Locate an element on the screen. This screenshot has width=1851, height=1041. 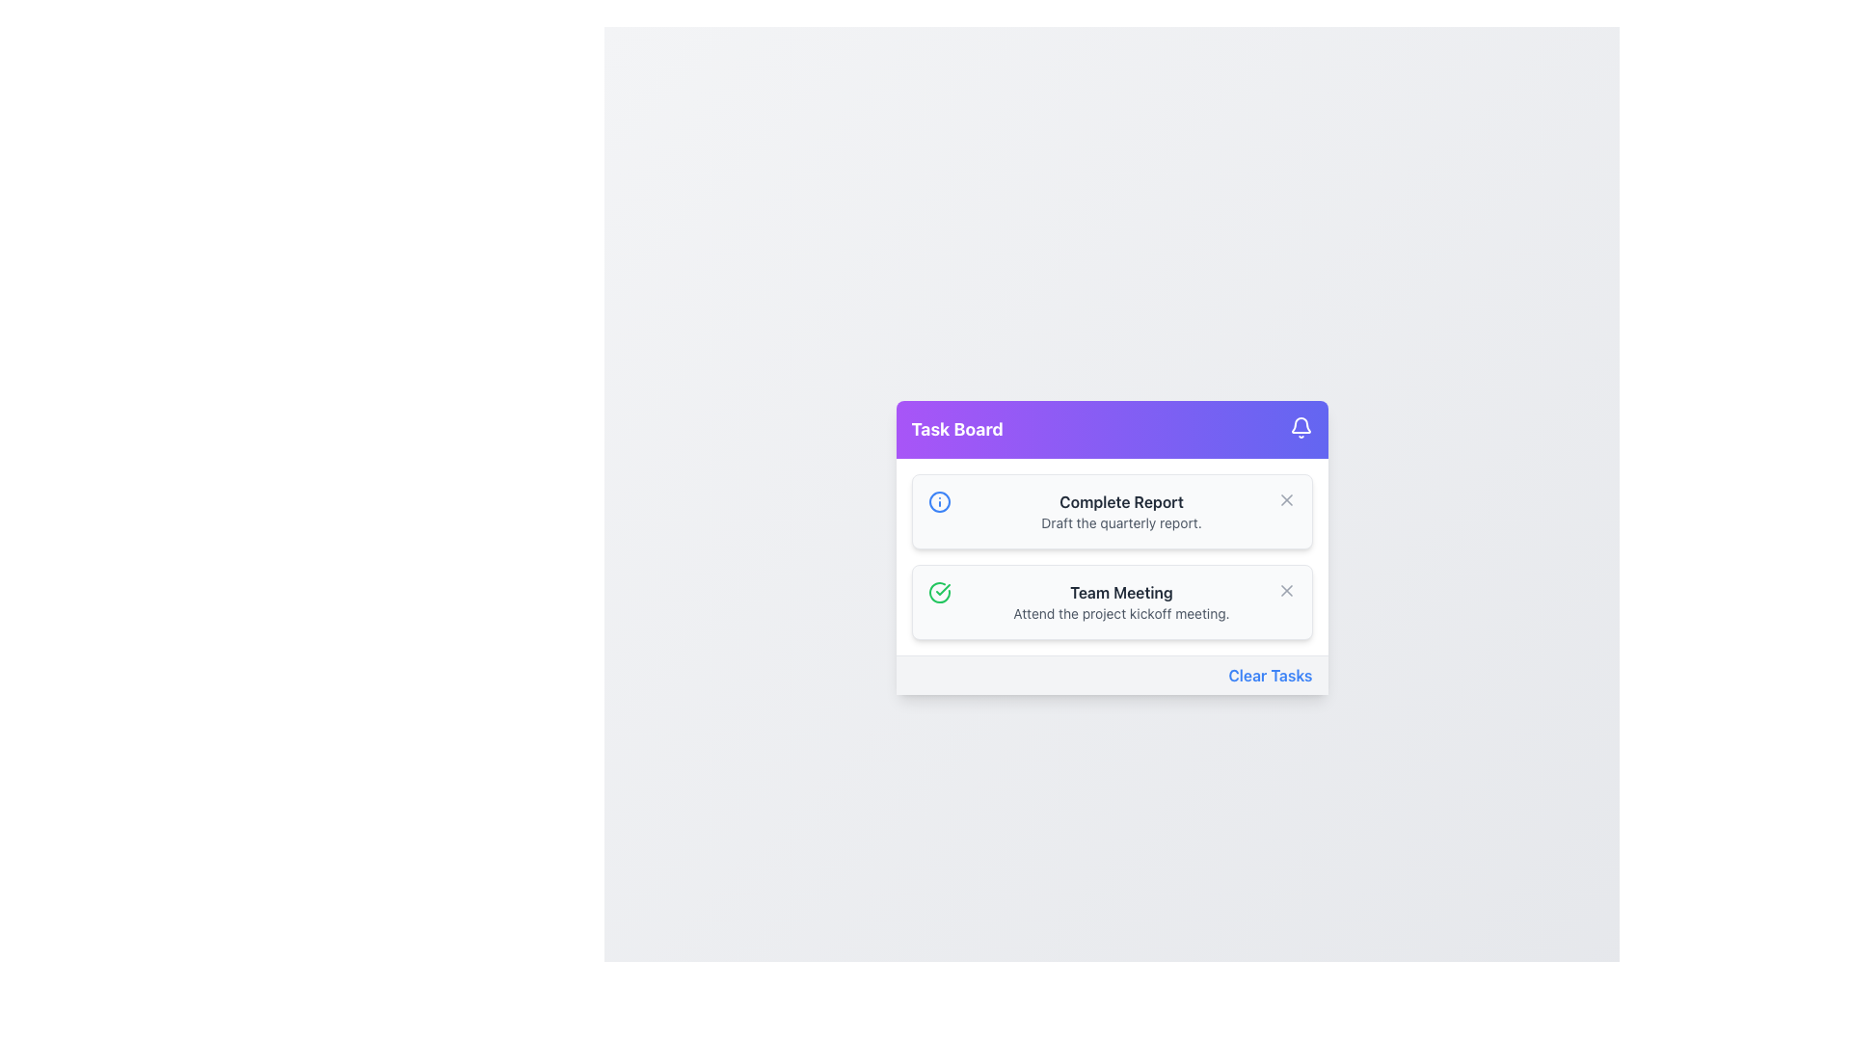
the bold text label reading 'Task Board' with a purple background and white font, located at the far left of the top header bar is located at coordinates (957, 428).